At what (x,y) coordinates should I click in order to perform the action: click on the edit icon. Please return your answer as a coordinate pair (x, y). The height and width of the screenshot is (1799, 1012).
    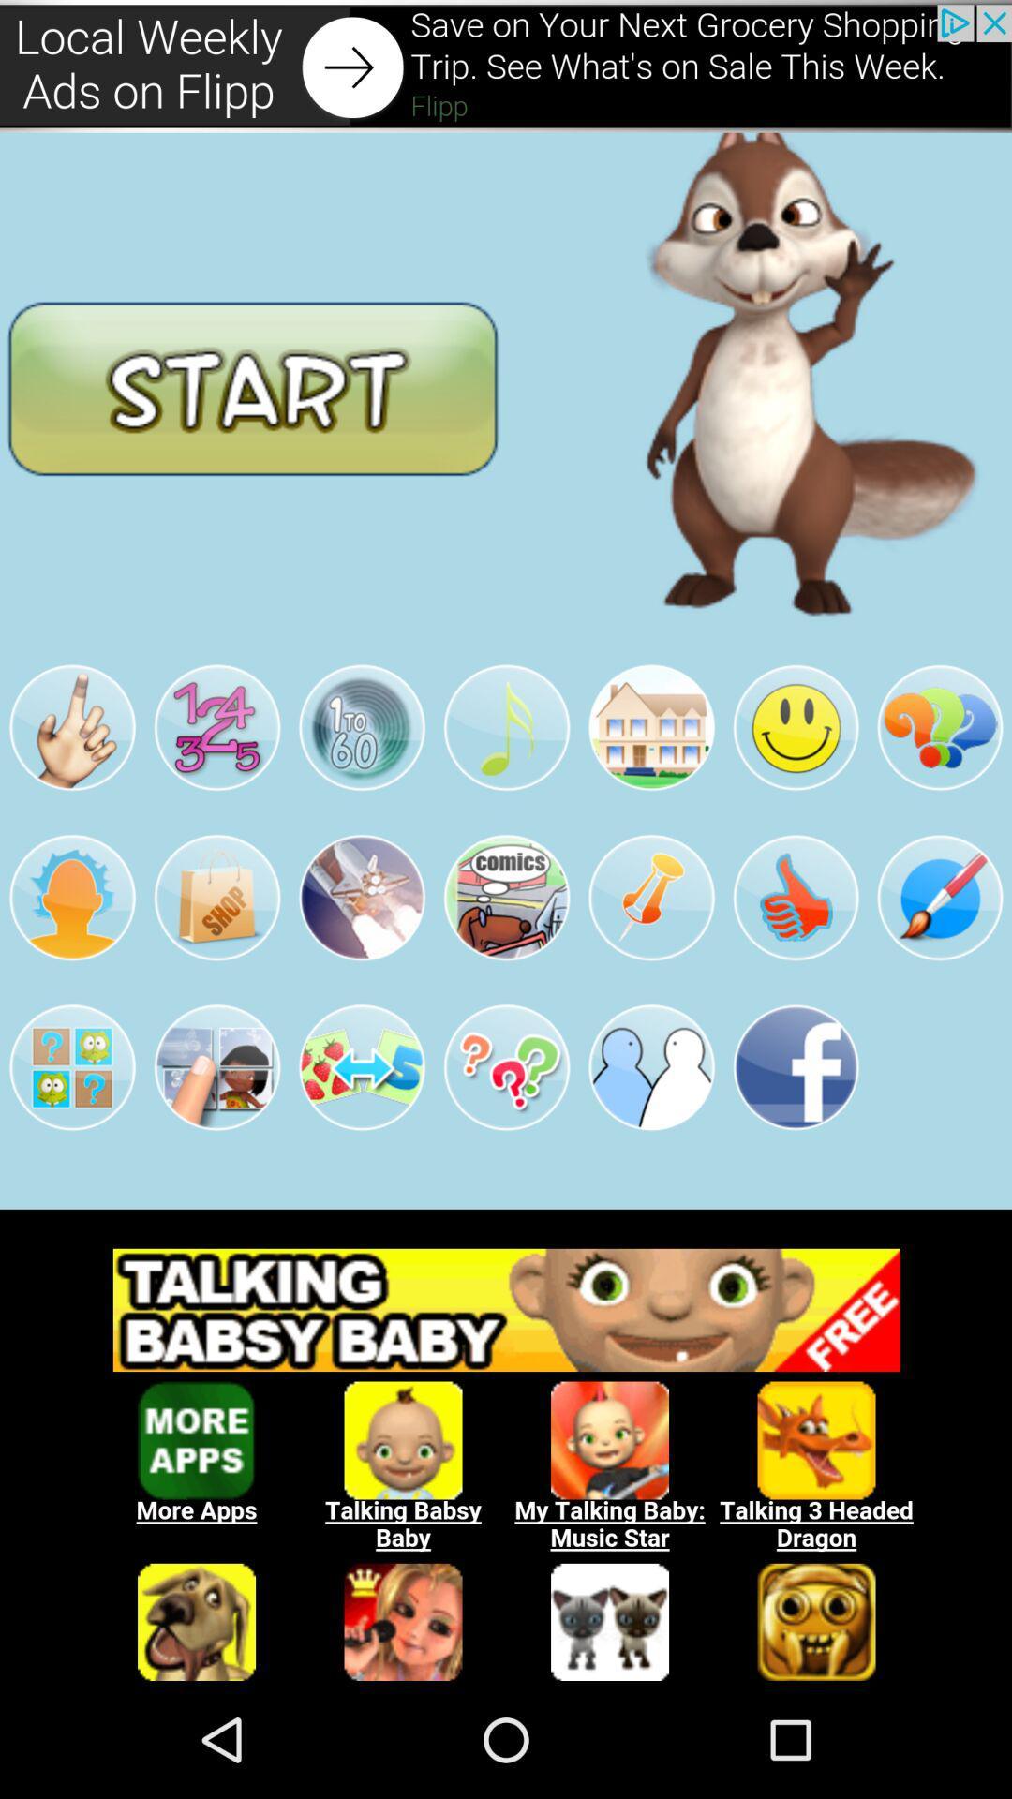
    Looking at the image, I should click on (940, 960).